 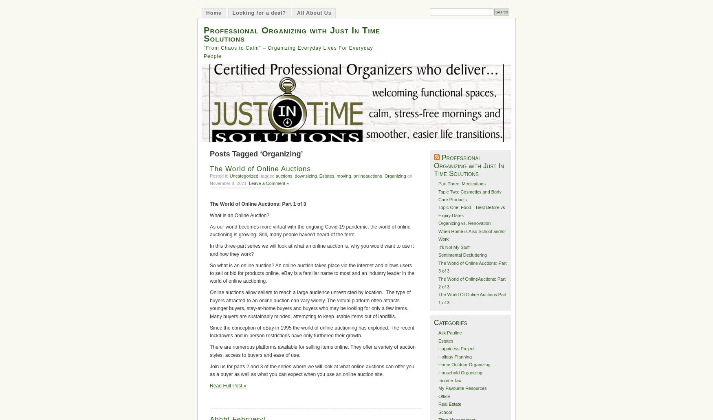 What do you see at coordinates (311, 249) in the screenshot?
I see `'In this three-part series we will look at what an online auction is, why you would want to use it and how they work?'` at bounding box center [311, 249].